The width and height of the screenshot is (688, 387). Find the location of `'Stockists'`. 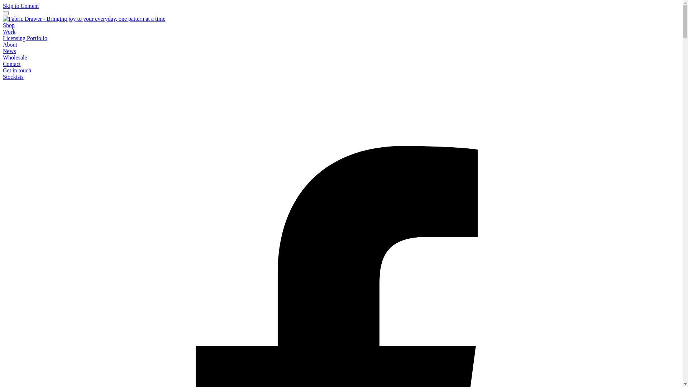

'Stockists' is located at coordinates (13, 77).